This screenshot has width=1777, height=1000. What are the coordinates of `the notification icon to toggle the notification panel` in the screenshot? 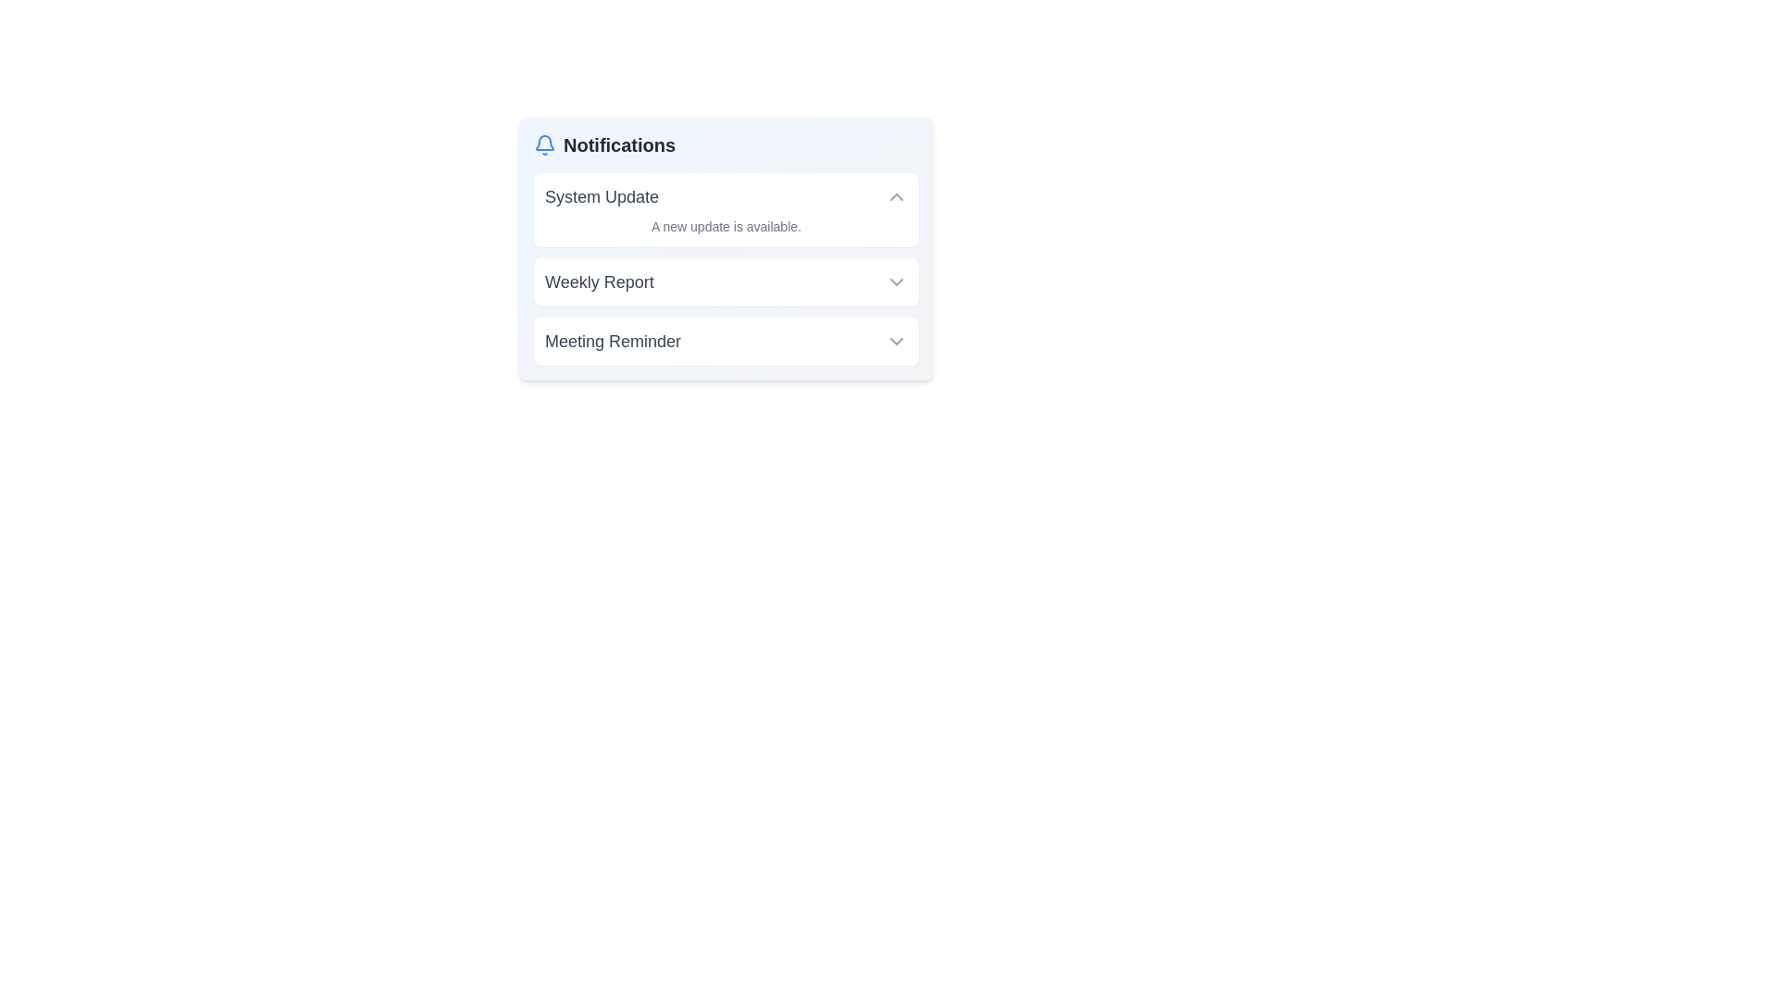 It's located at (544, 144).